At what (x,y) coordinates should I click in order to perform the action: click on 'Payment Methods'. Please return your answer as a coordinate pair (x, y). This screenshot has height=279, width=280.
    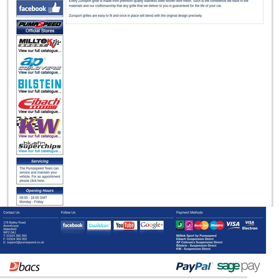
    Looking at the image, I should click on (189, 212).